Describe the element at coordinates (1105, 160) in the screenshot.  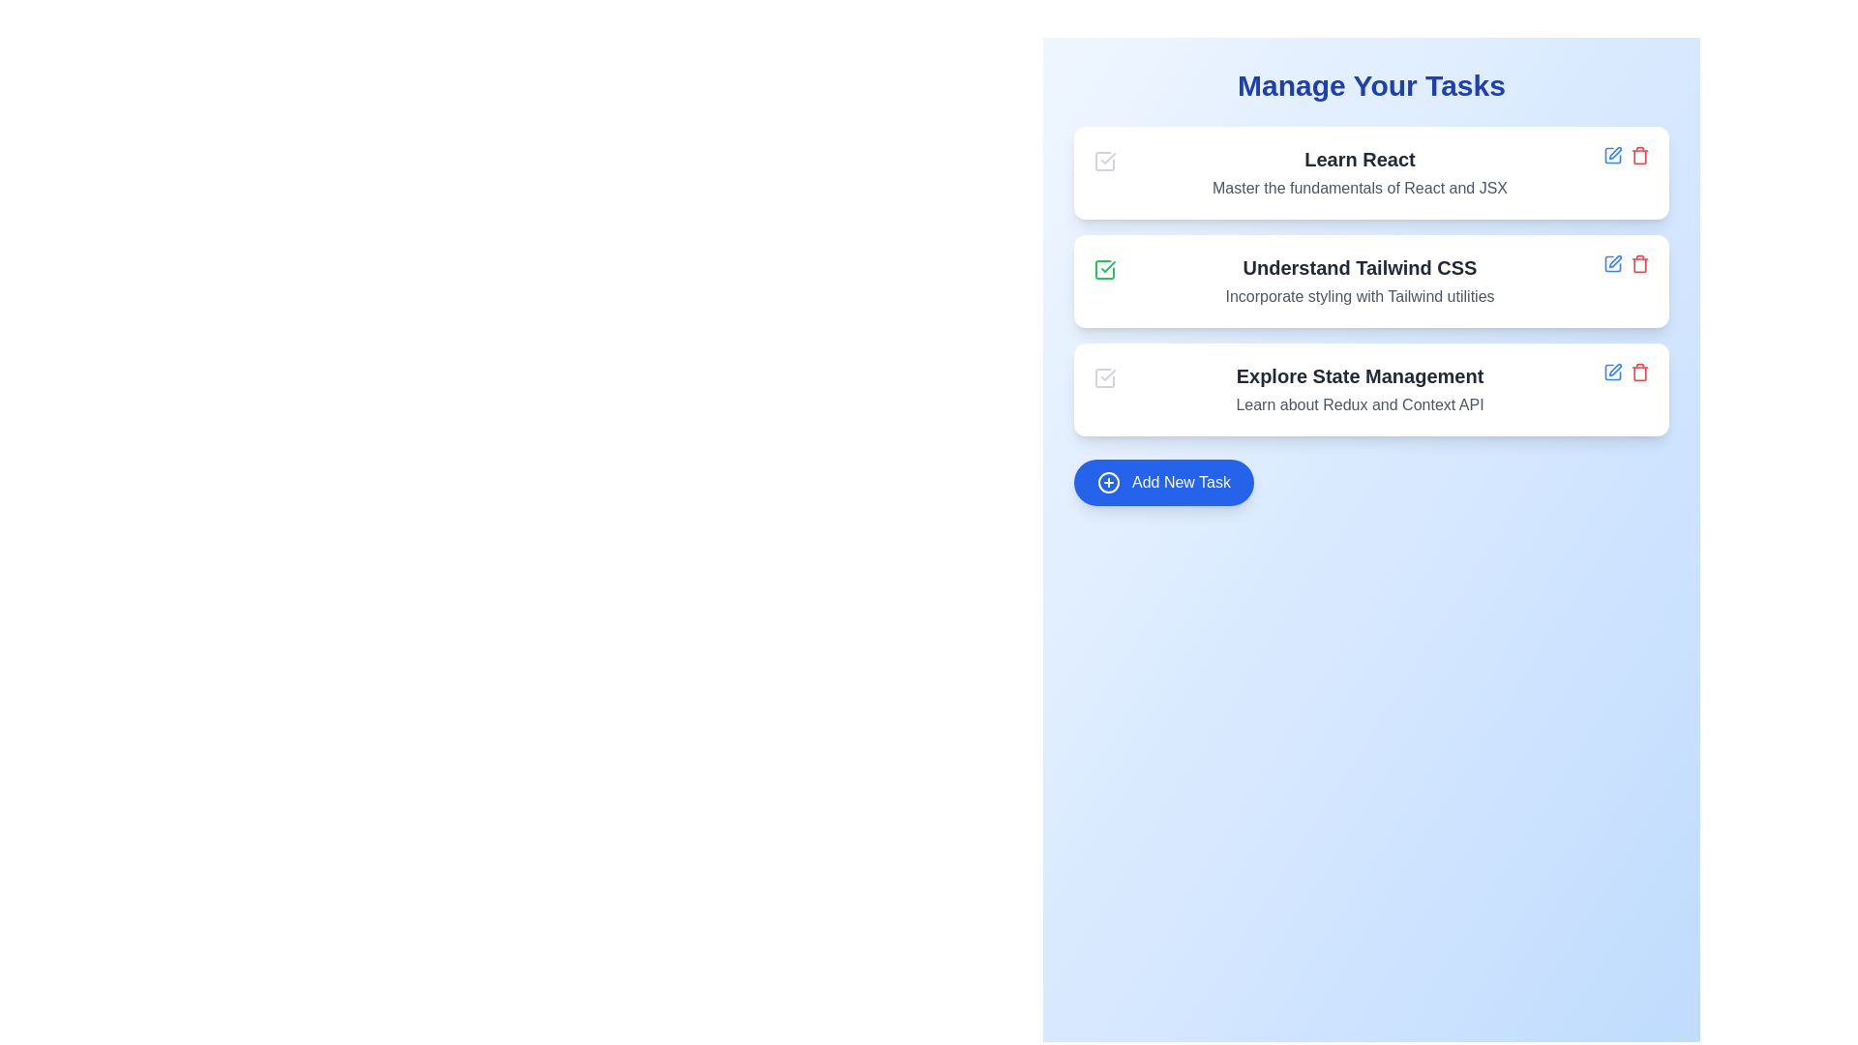
I see `the task status icon located at the top-left corner of the 'Learn React' task card to indicate the current state of the task` at that location.